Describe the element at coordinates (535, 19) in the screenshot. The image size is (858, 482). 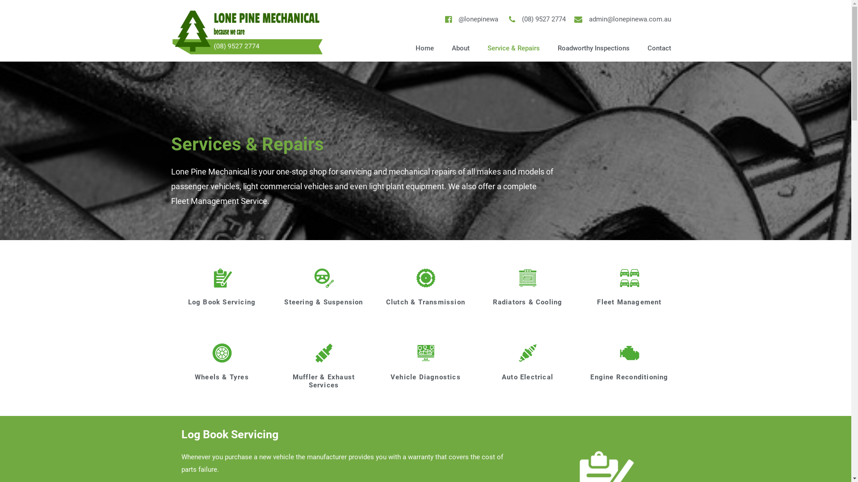
I see `'(08) 9527 2774'` at that location.